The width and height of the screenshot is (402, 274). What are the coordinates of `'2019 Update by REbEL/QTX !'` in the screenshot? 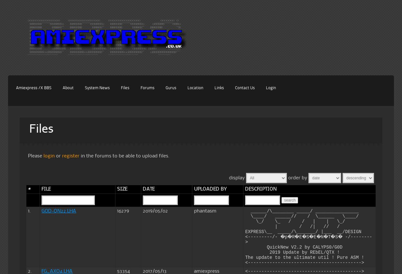 It's located at (292, 252).